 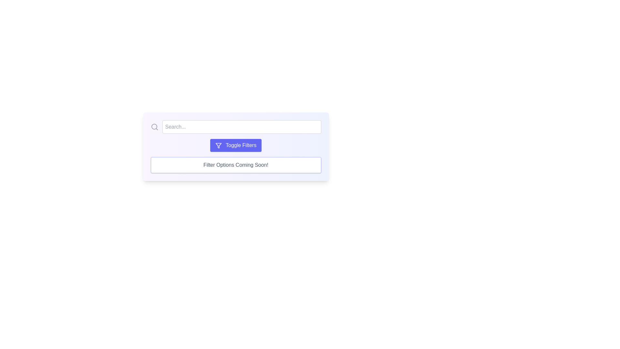 I want to click on the triangular icon within the 'Toggle Filters' button that activates or deactivates filtering options, so click(x=218, y=145).